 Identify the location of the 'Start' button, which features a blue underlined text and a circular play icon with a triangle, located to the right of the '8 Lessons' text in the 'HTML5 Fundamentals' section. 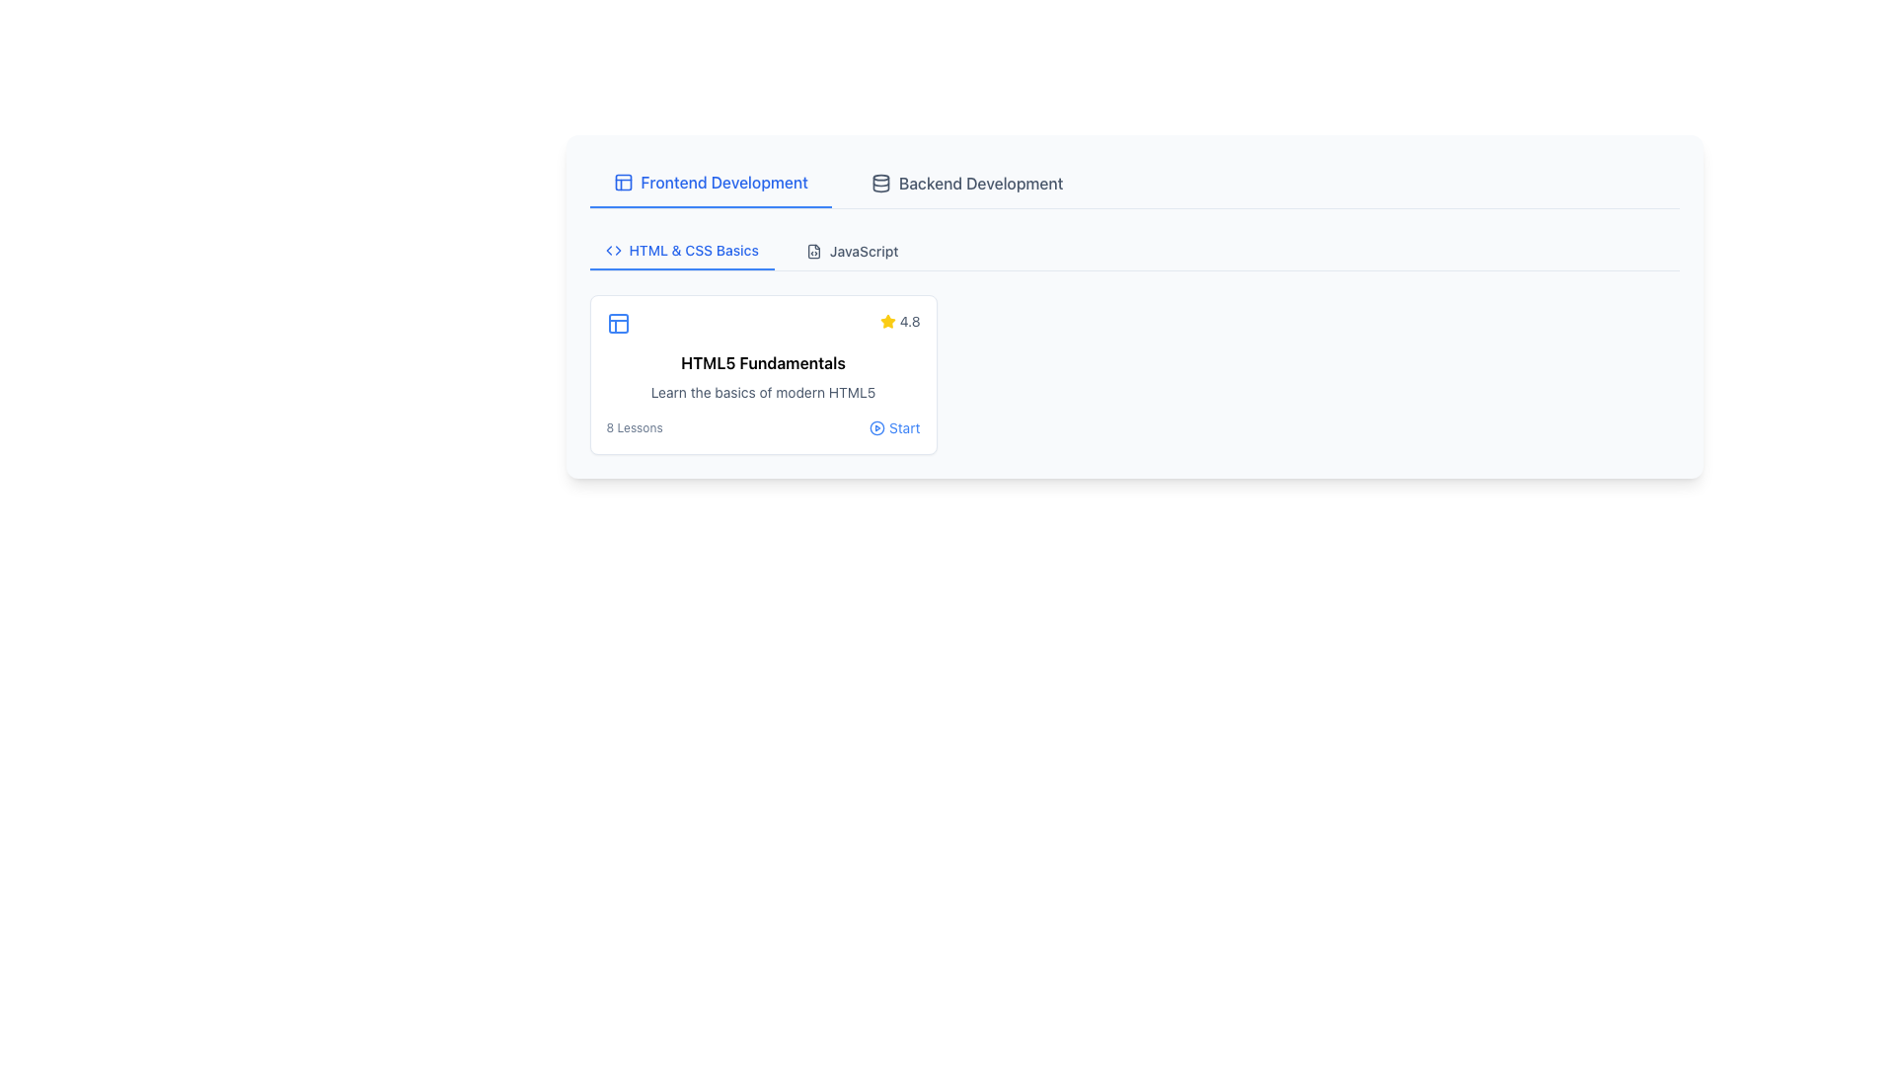
(893, 427).